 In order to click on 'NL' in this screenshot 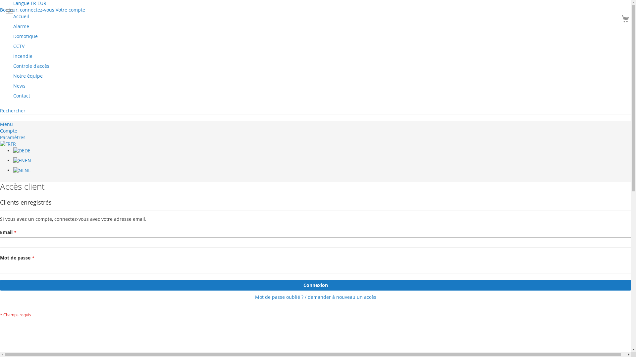, I will do `click(13, 170)`.